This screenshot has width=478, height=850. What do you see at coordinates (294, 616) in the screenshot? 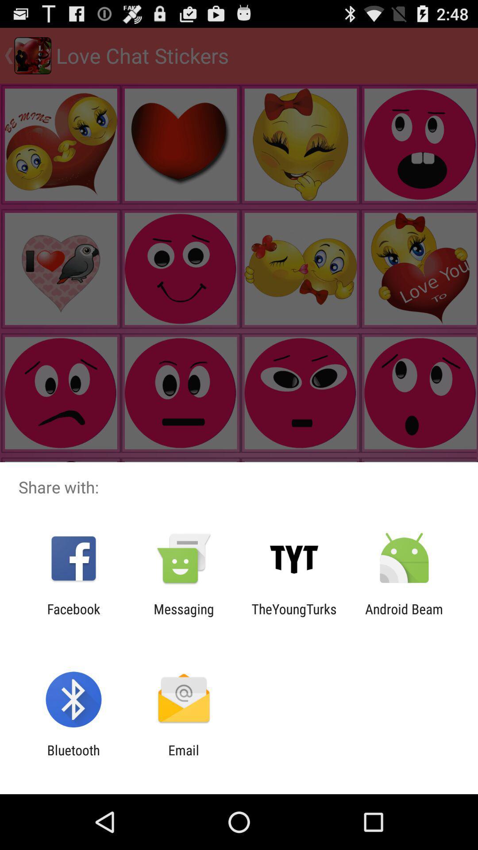
I see `the app next to the android beam icon` at bounding box center [294, 616].